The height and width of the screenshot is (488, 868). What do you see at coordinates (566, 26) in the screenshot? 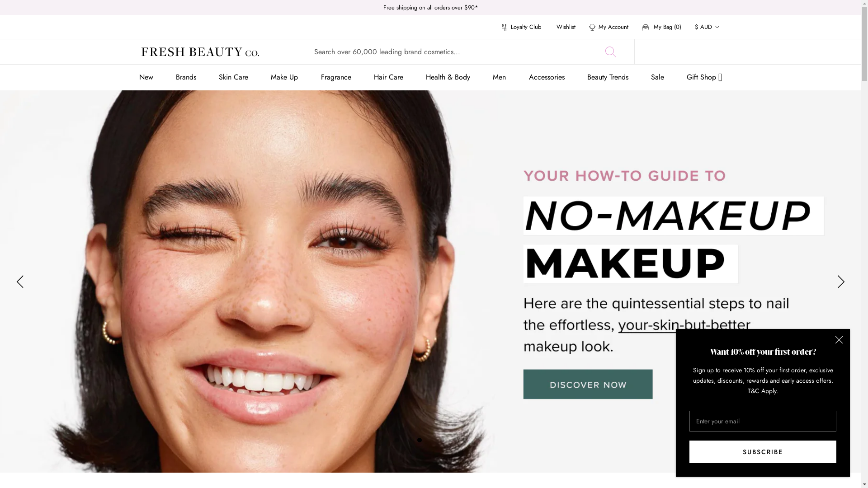
I see `'Wishlist'` at bounding box center [566, 26].